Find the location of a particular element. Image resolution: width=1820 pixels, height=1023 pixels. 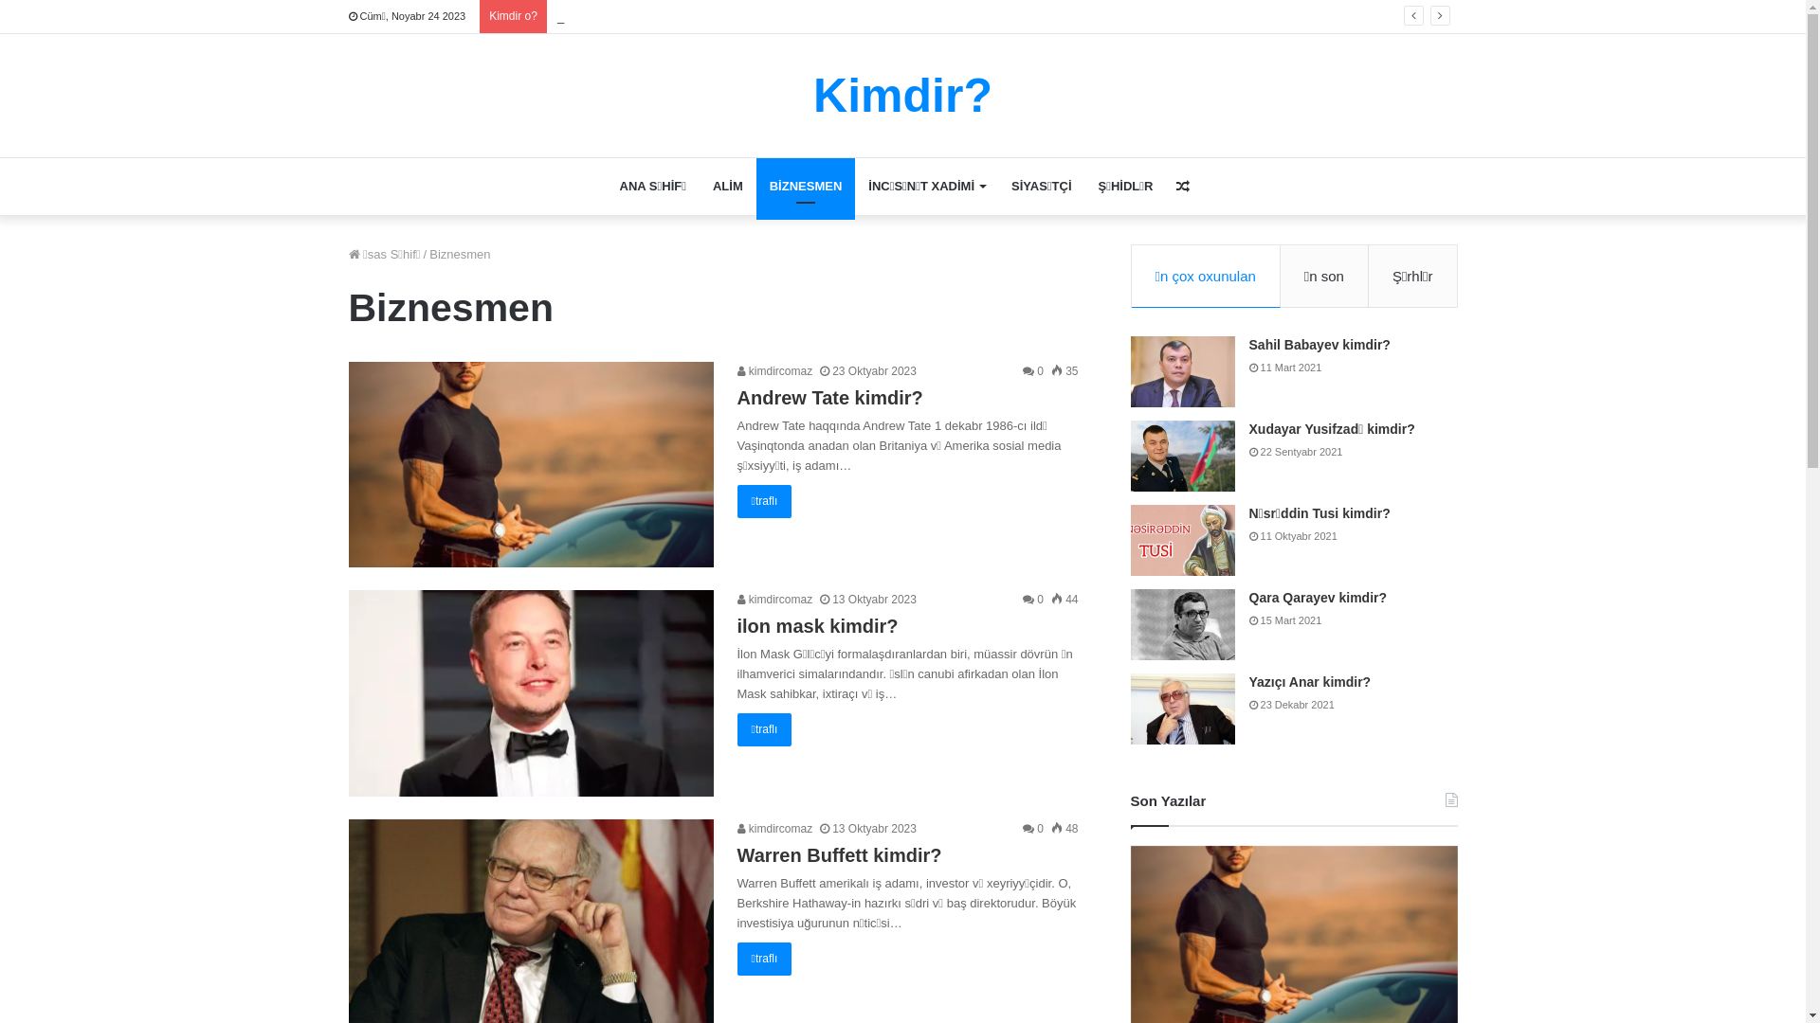

'Sahil Babayev kimdir? 5' is located at coordinates (1182, 371).